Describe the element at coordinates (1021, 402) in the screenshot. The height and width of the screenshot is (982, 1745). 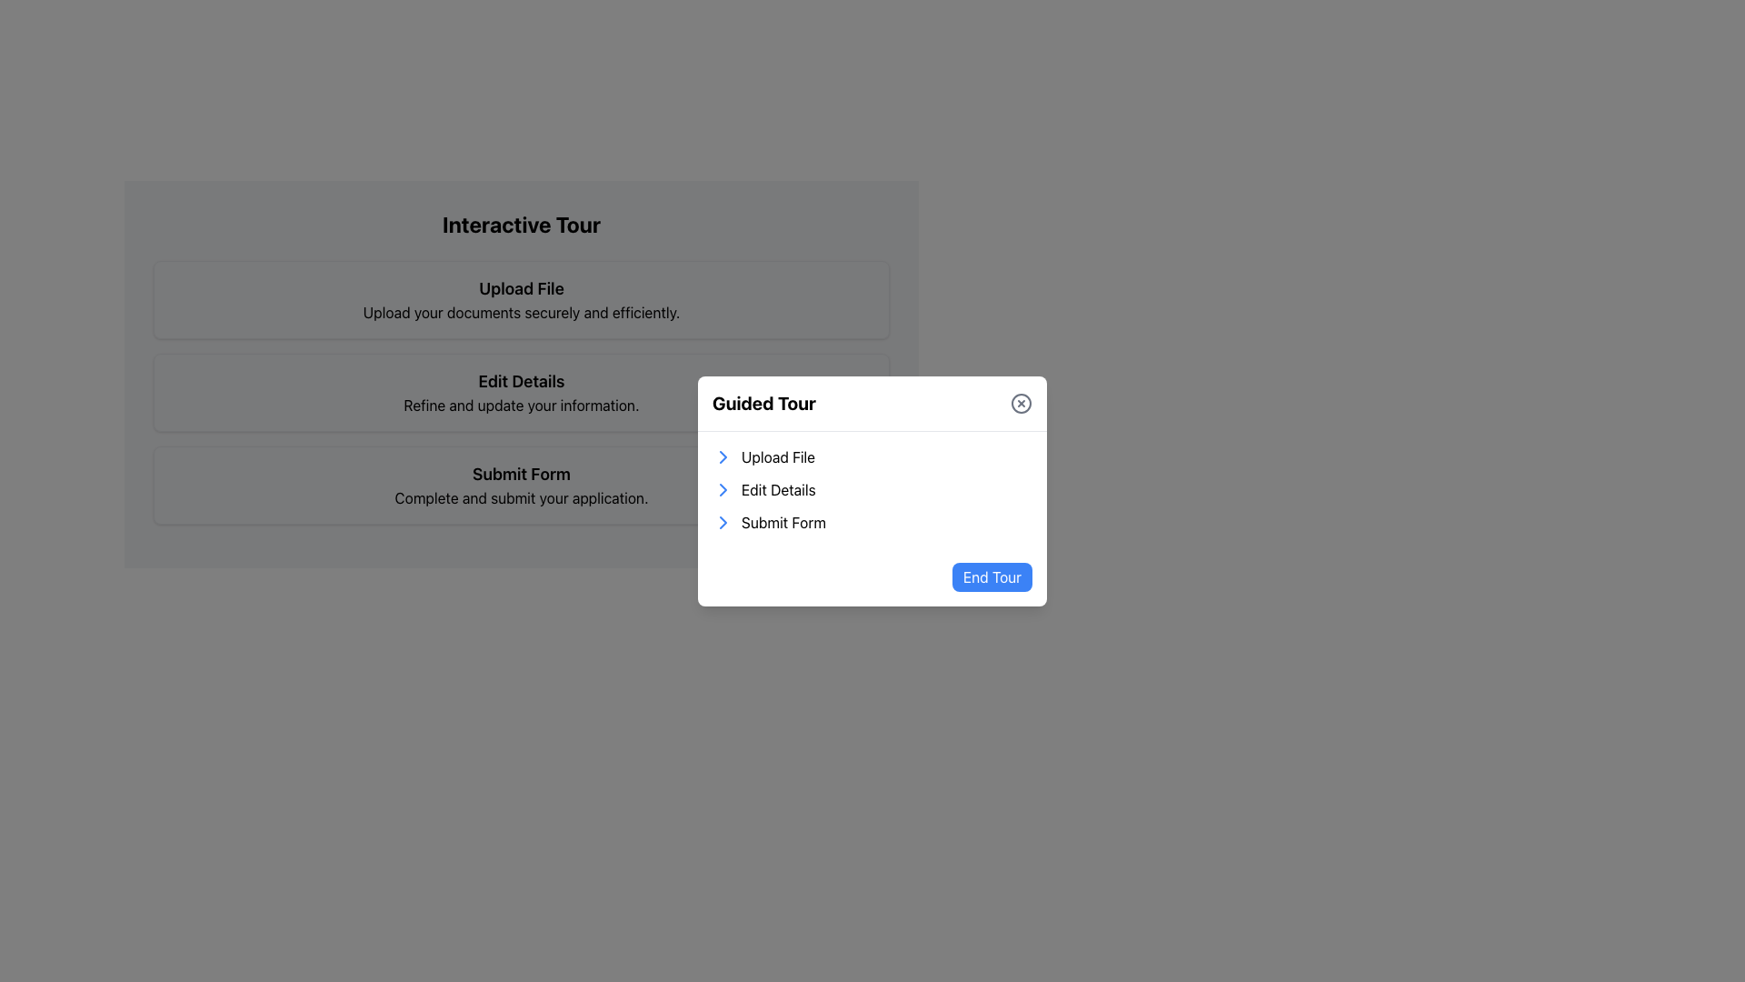
I see `the circular close button with a stylized 'X' at the top-right corner of the 'Guided Tour' modal` at that location.